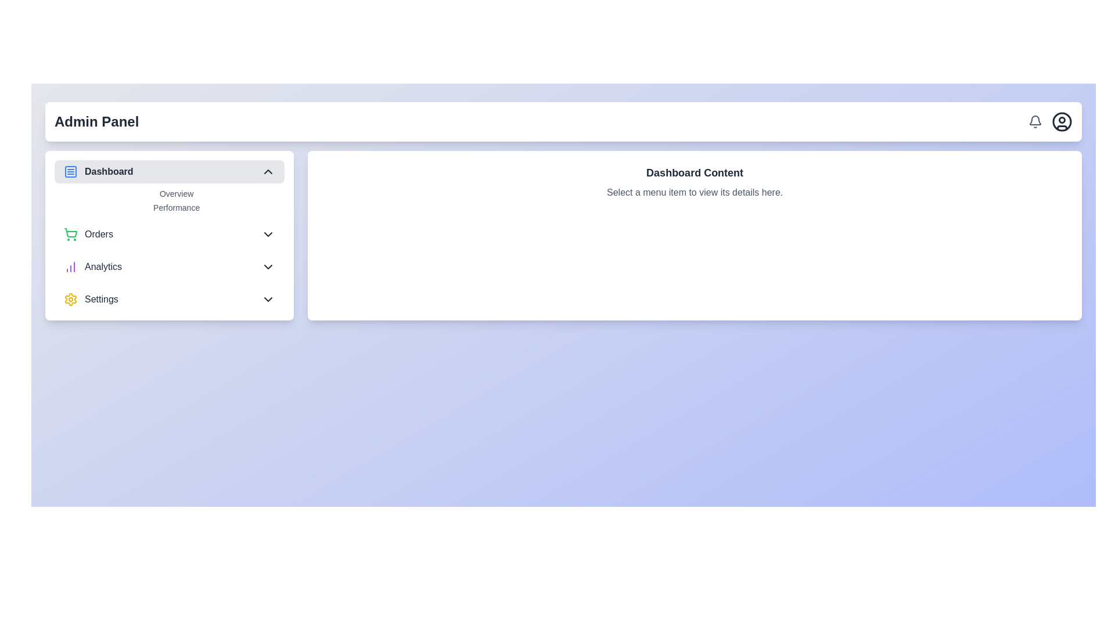  Describe the element at coordinates (96, 121) in the screenshot. I see `the 'Admin Panel' text label located at the top-left of the interface, which is styled with a large, bold font and dark color, if functionality exists` at that location.